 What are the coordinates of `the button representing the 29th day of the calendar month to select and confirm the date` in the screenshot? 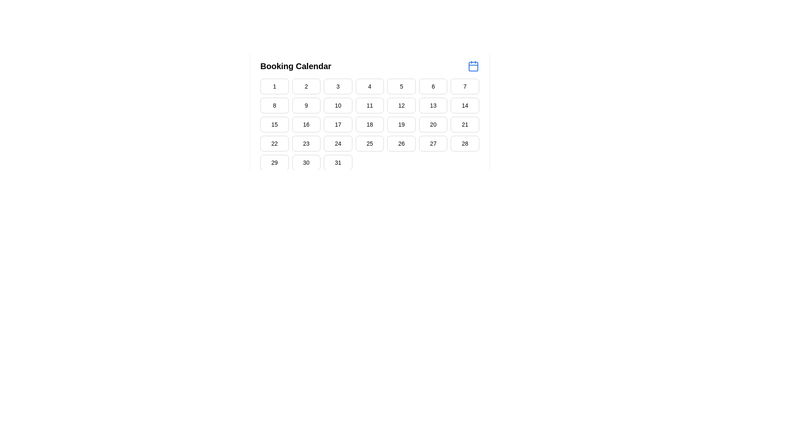 It's located at (274, 163).